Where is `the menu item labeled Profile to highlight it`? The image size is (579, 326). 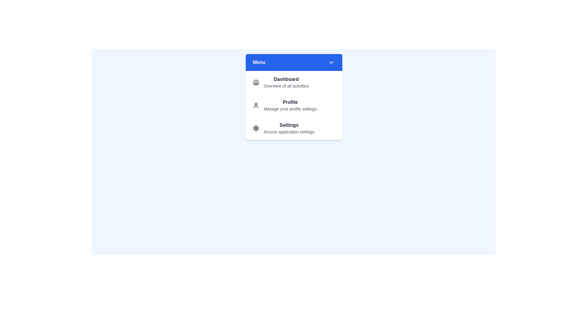 the menu item labeled Profile to highlight it is located at coordinates (294, 105).